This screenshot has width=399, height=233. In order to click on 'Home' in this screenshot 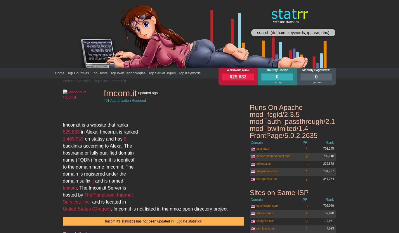, I will do `click(59, 73)`.